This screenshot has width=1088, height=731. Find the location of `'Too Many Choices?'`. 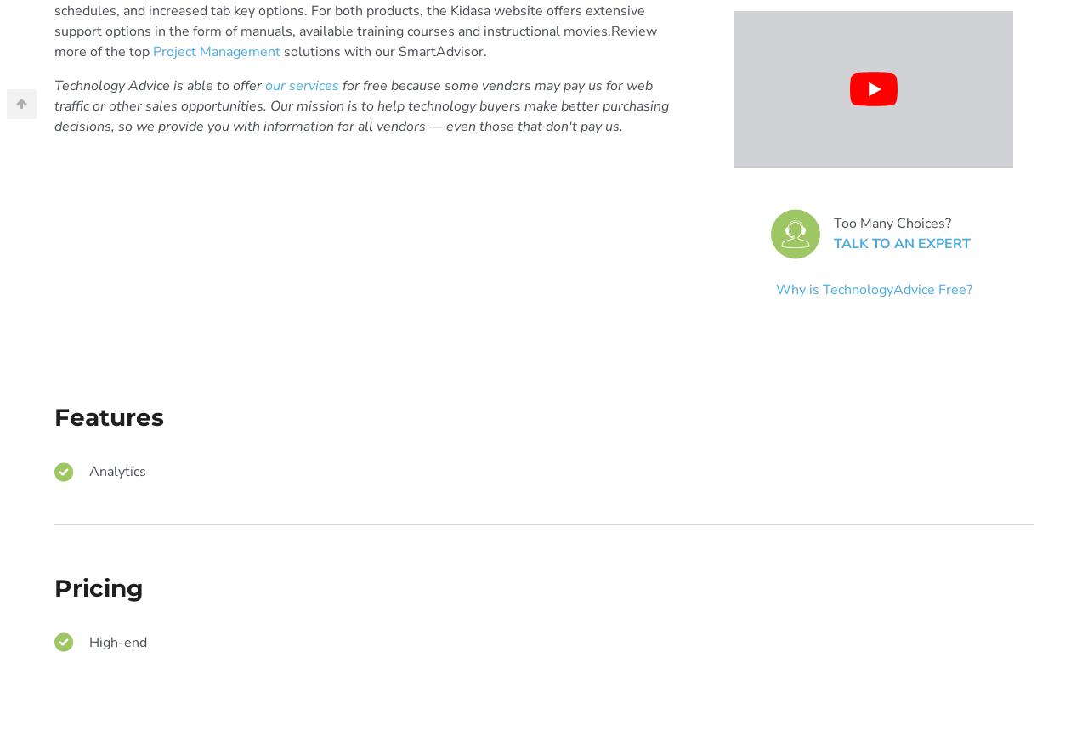

'Too Many Choices?' is located at coordinates (890, 223).